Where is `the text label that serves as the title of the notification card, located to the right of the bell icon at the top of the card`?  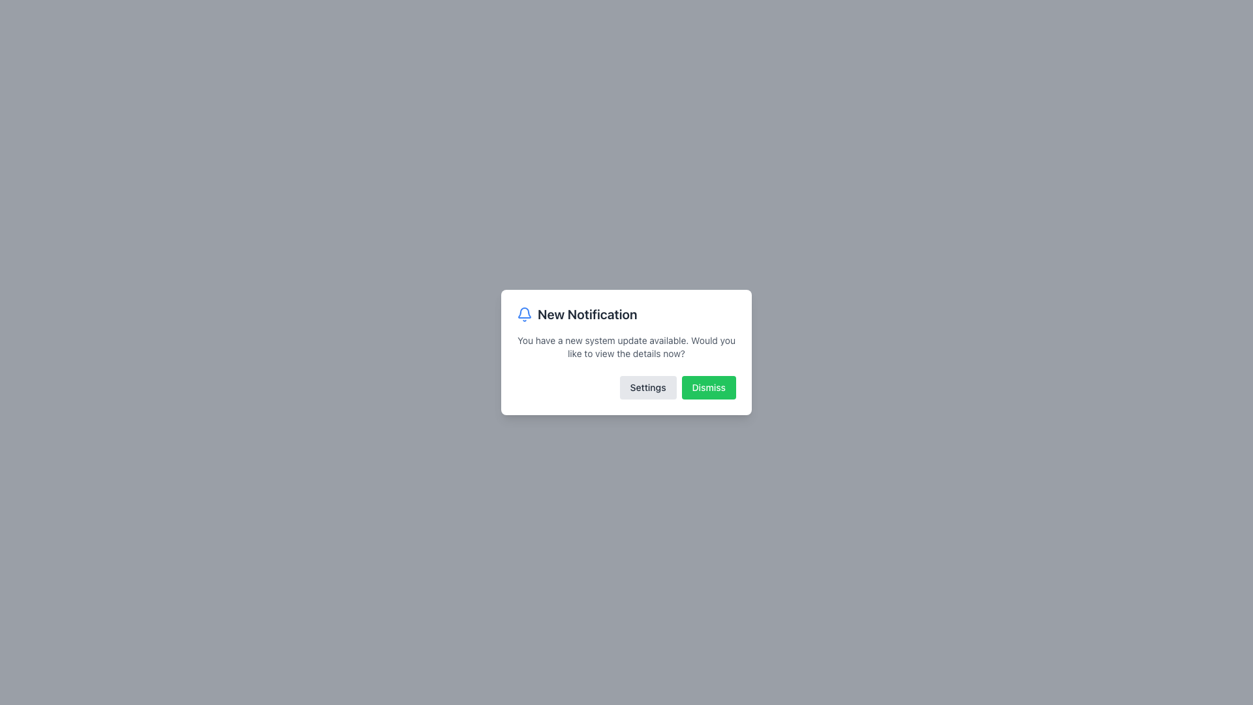
the text label that serves as the title of the notification card, located to the right of the bell icon at the top of the card is located at coordinates (587, 315).